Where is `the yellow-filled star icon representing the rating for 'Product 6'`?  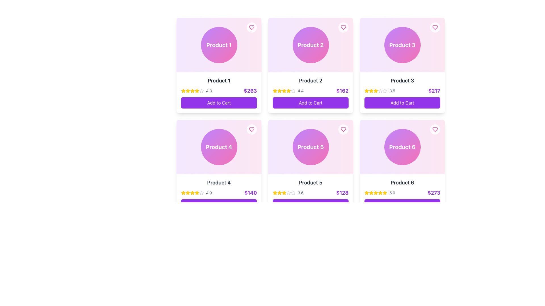 the yellow-filled star icon representing the rating for 'Product 6' is located at coordinates (371, 192).